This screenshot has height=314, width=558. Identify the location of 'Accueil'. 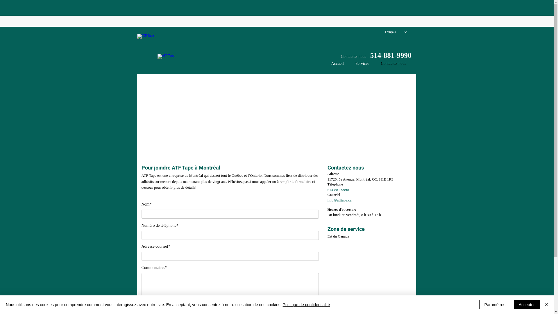
(337, 64).